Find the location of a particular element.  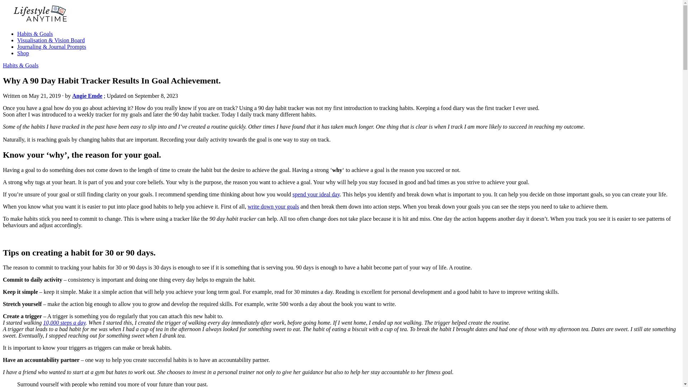

'write down your goals' is located at coordinates (273, 206).